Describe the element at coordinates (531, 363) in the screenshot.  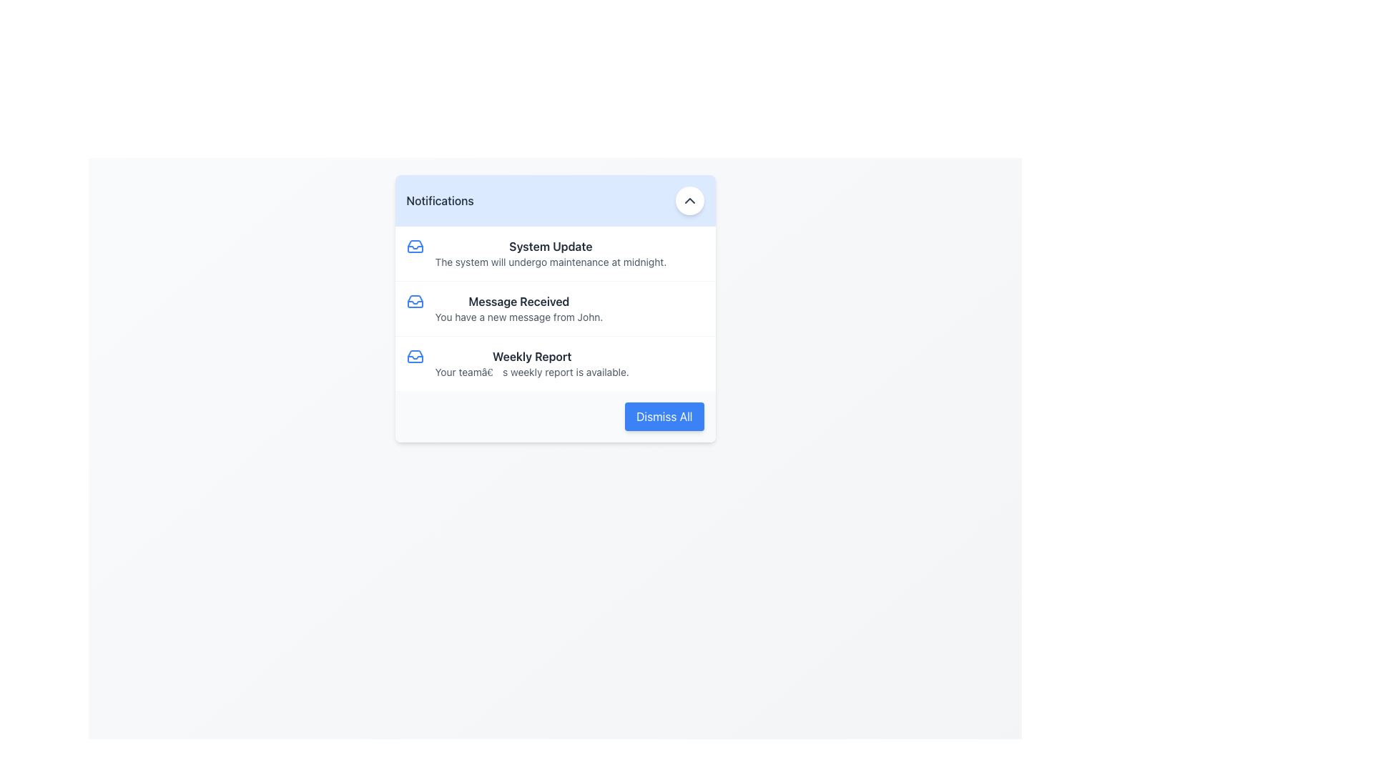
I see `informational text block about the availability of the team's weekly report located in the lower part of the notification card, centered horizontally and positioned near the mailbox icon` at that location.